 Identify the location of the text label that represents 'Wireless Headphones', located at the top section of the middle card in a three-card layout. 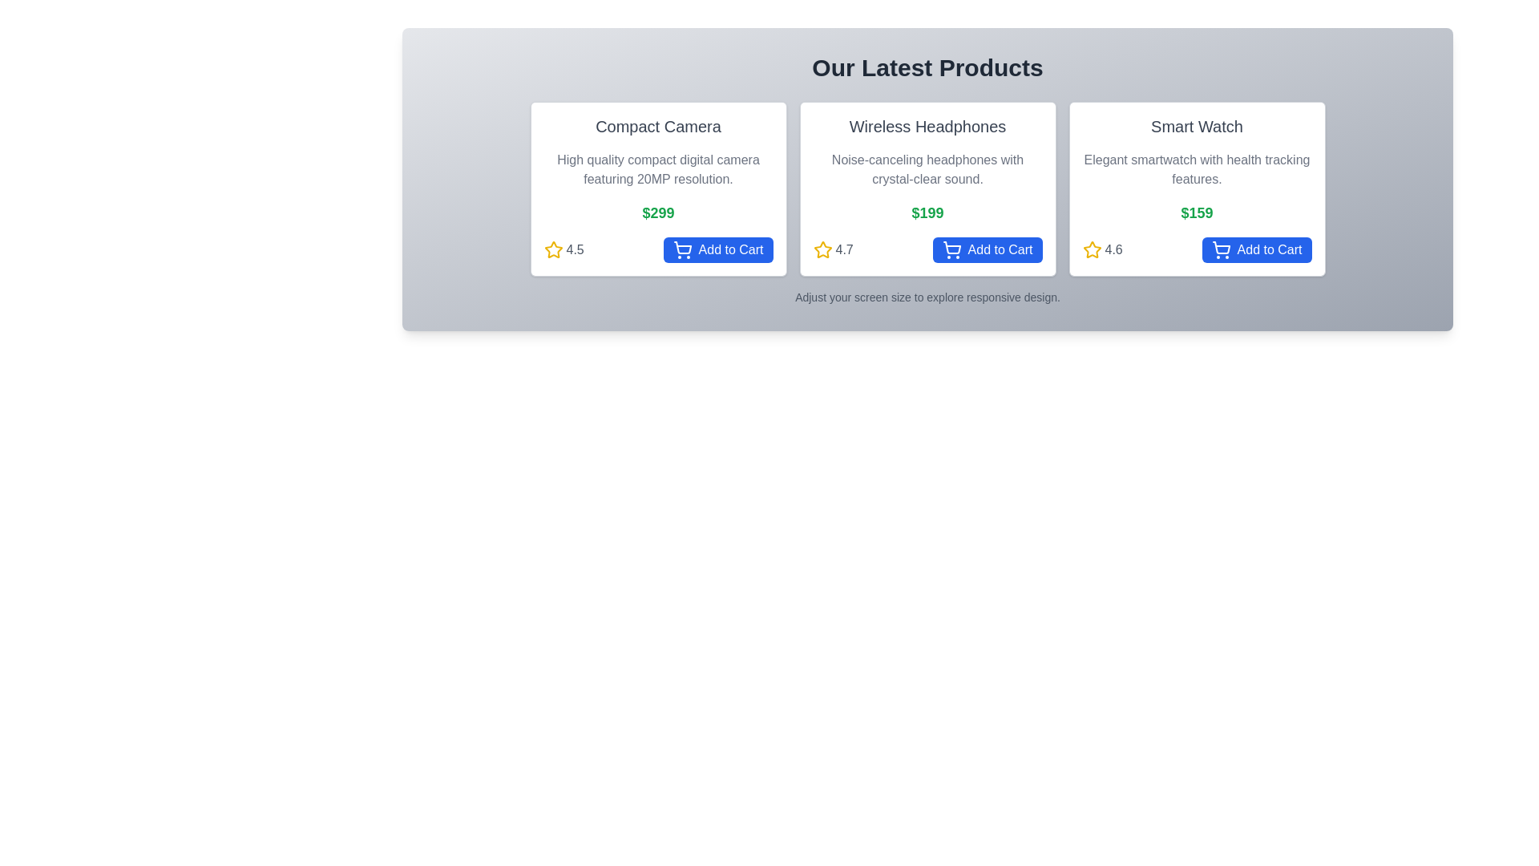
(927, 126).